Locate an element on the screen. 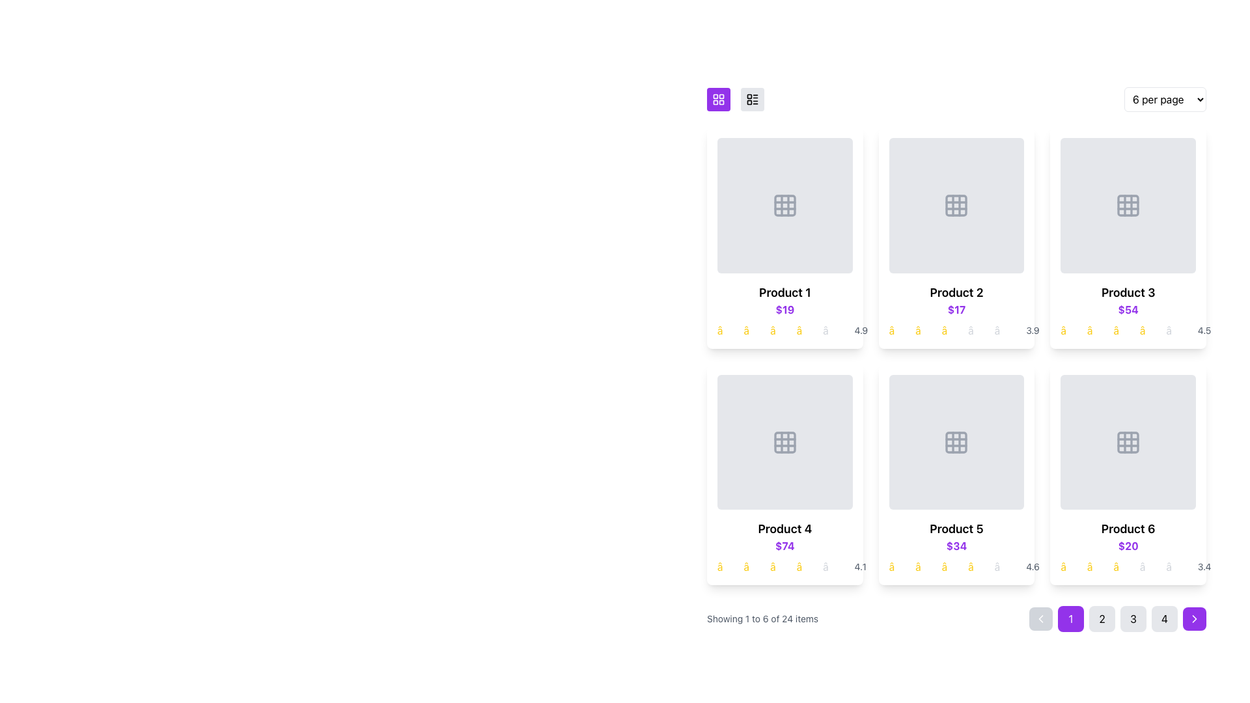  the pagination navigation button/icon located at the bottom-right of the UI is located at coordinates (1194, 618).